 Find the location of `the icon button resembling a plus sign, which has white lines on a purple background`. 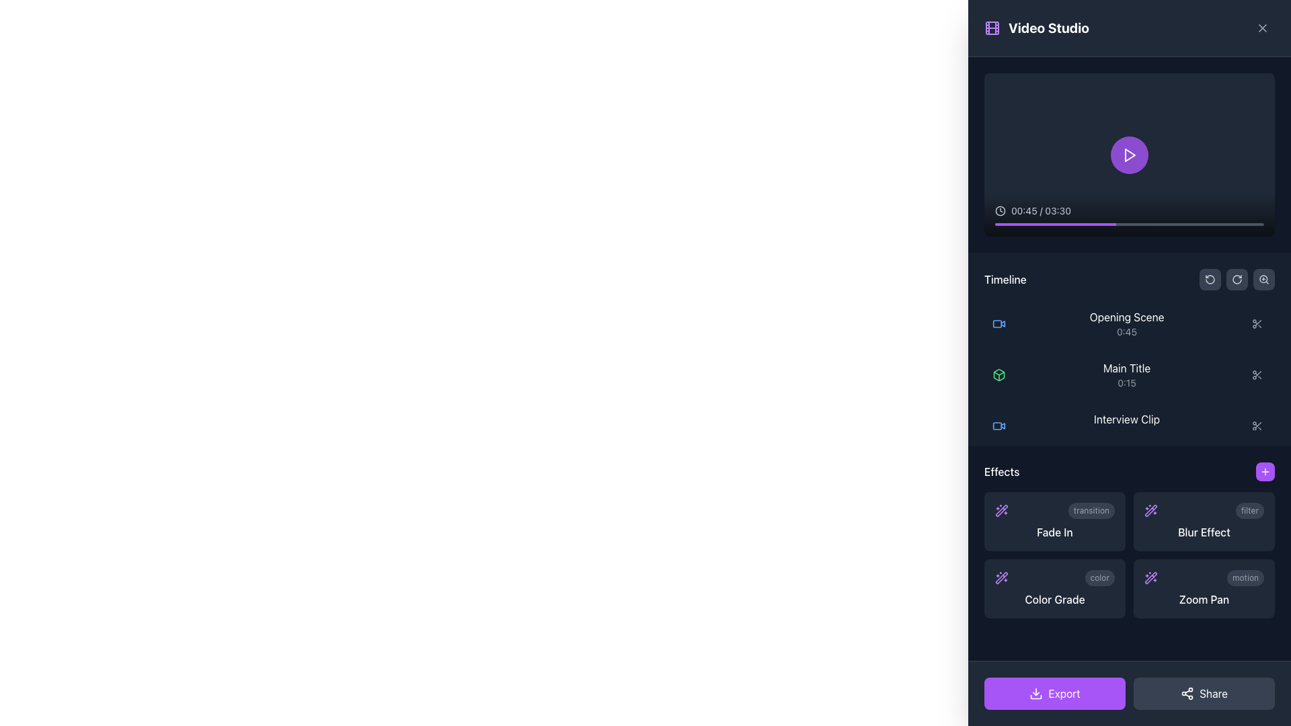

the icon button resembling a plus sign, which has white lines on a purple background is located at coordinates (1264, 471).